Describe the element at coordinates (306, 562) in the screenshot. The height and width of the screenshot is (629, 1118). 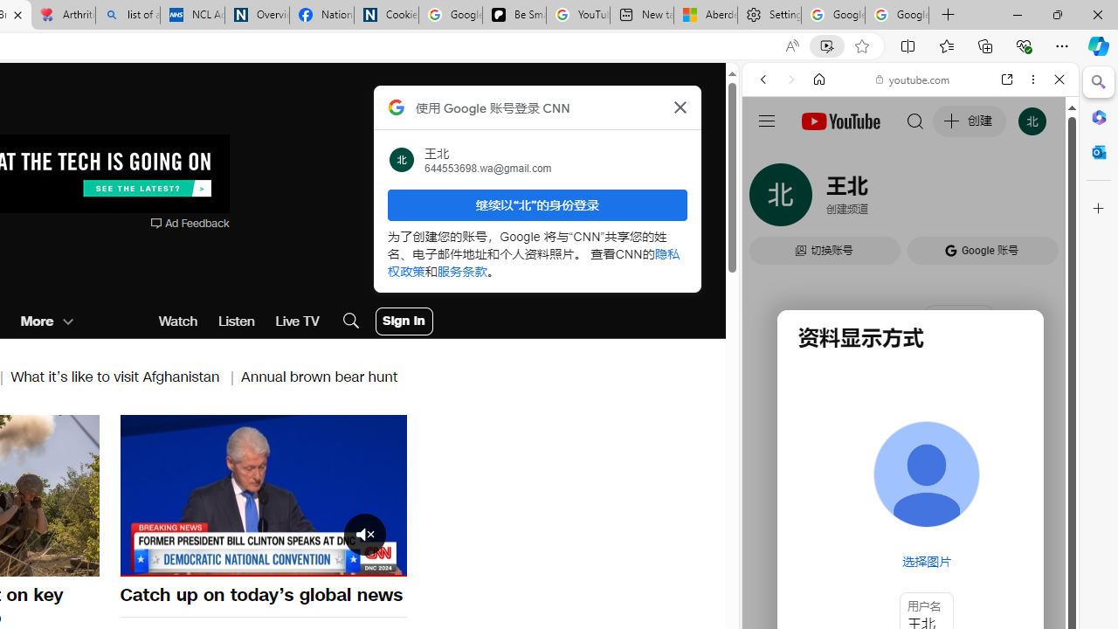
I see `'Captions Unavailable'` at that location.